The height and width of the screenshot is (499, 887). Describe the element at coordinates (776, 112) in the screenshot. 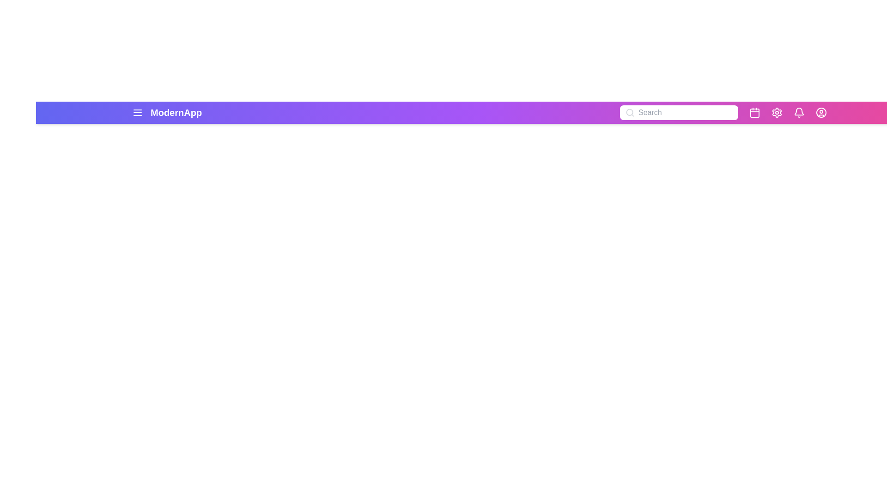

I see `the Settings cogwheel icon located in the top navigation bar to explore settings-related features` at that location.